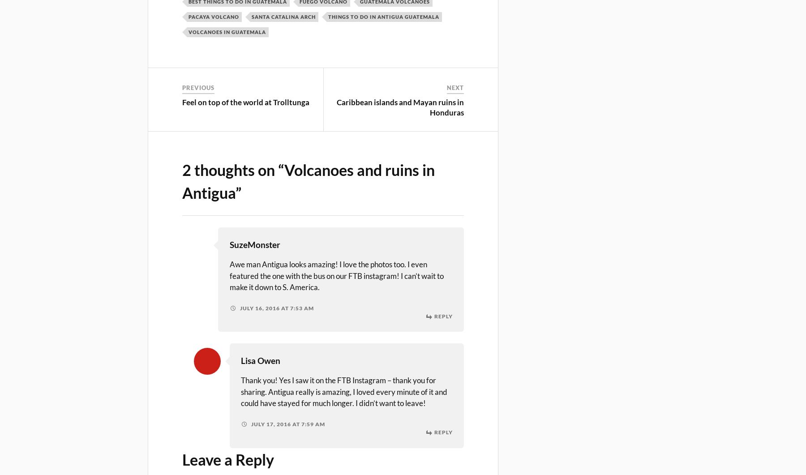  I want to click on 'July 16, 2016 at 7:53 am', so click(275, 308).